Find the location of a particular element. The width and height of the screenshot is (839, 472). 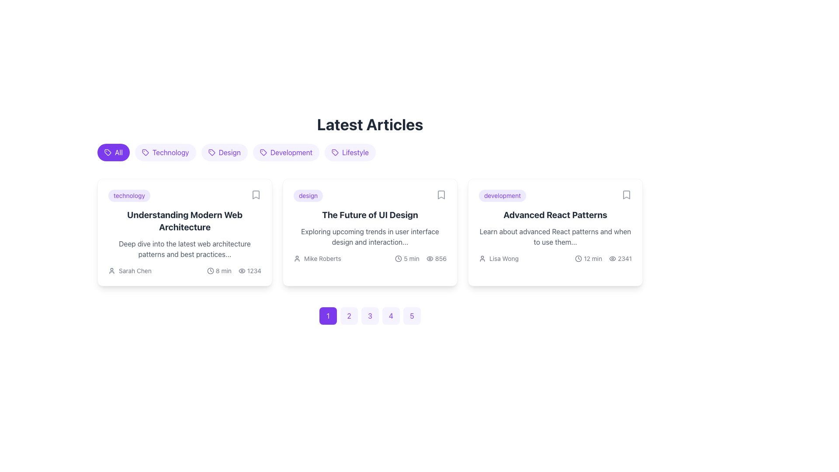

the 'Development' category tag, which is the fourth tag in a row of category labels beneath the 'Latest Articles' title is located at coordinates (291, 152).